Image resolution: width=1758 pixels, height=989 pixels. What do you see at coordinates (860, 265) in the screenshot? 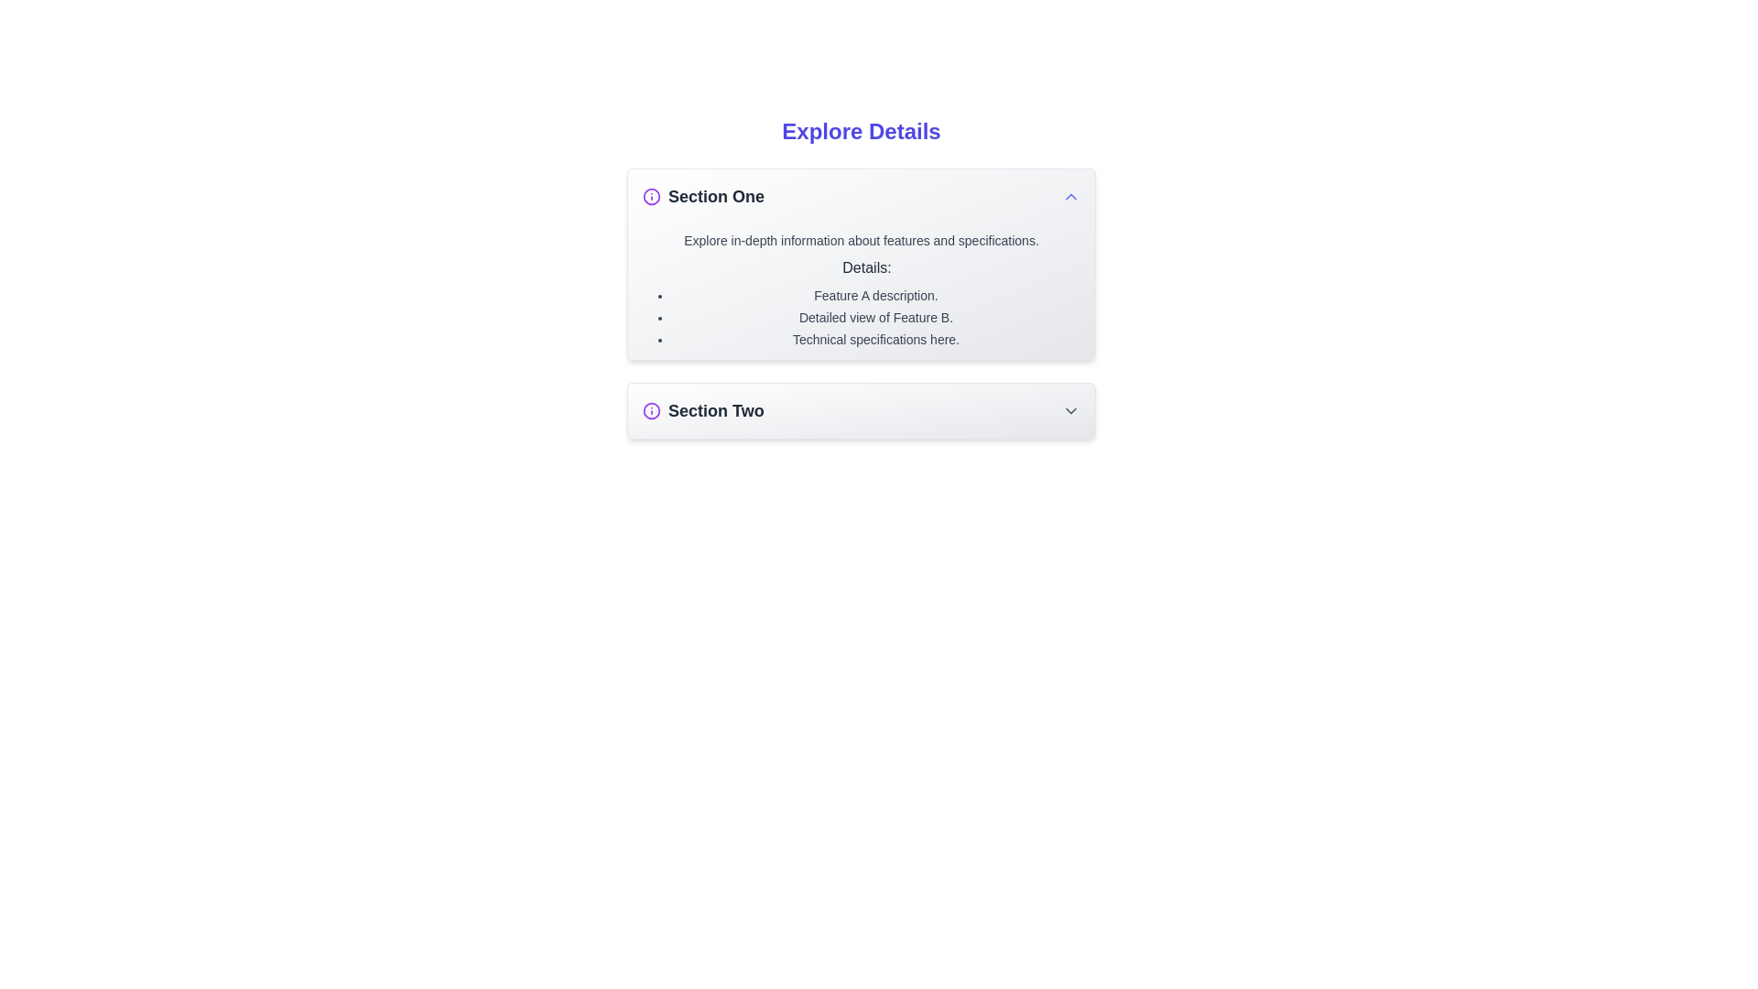
I see `the collapsible section titled 'Section One', which is visually distinct with a gradient background and rounded corners, located centrally below the heading 'Explore Details'` at bounding box center [860, 265].